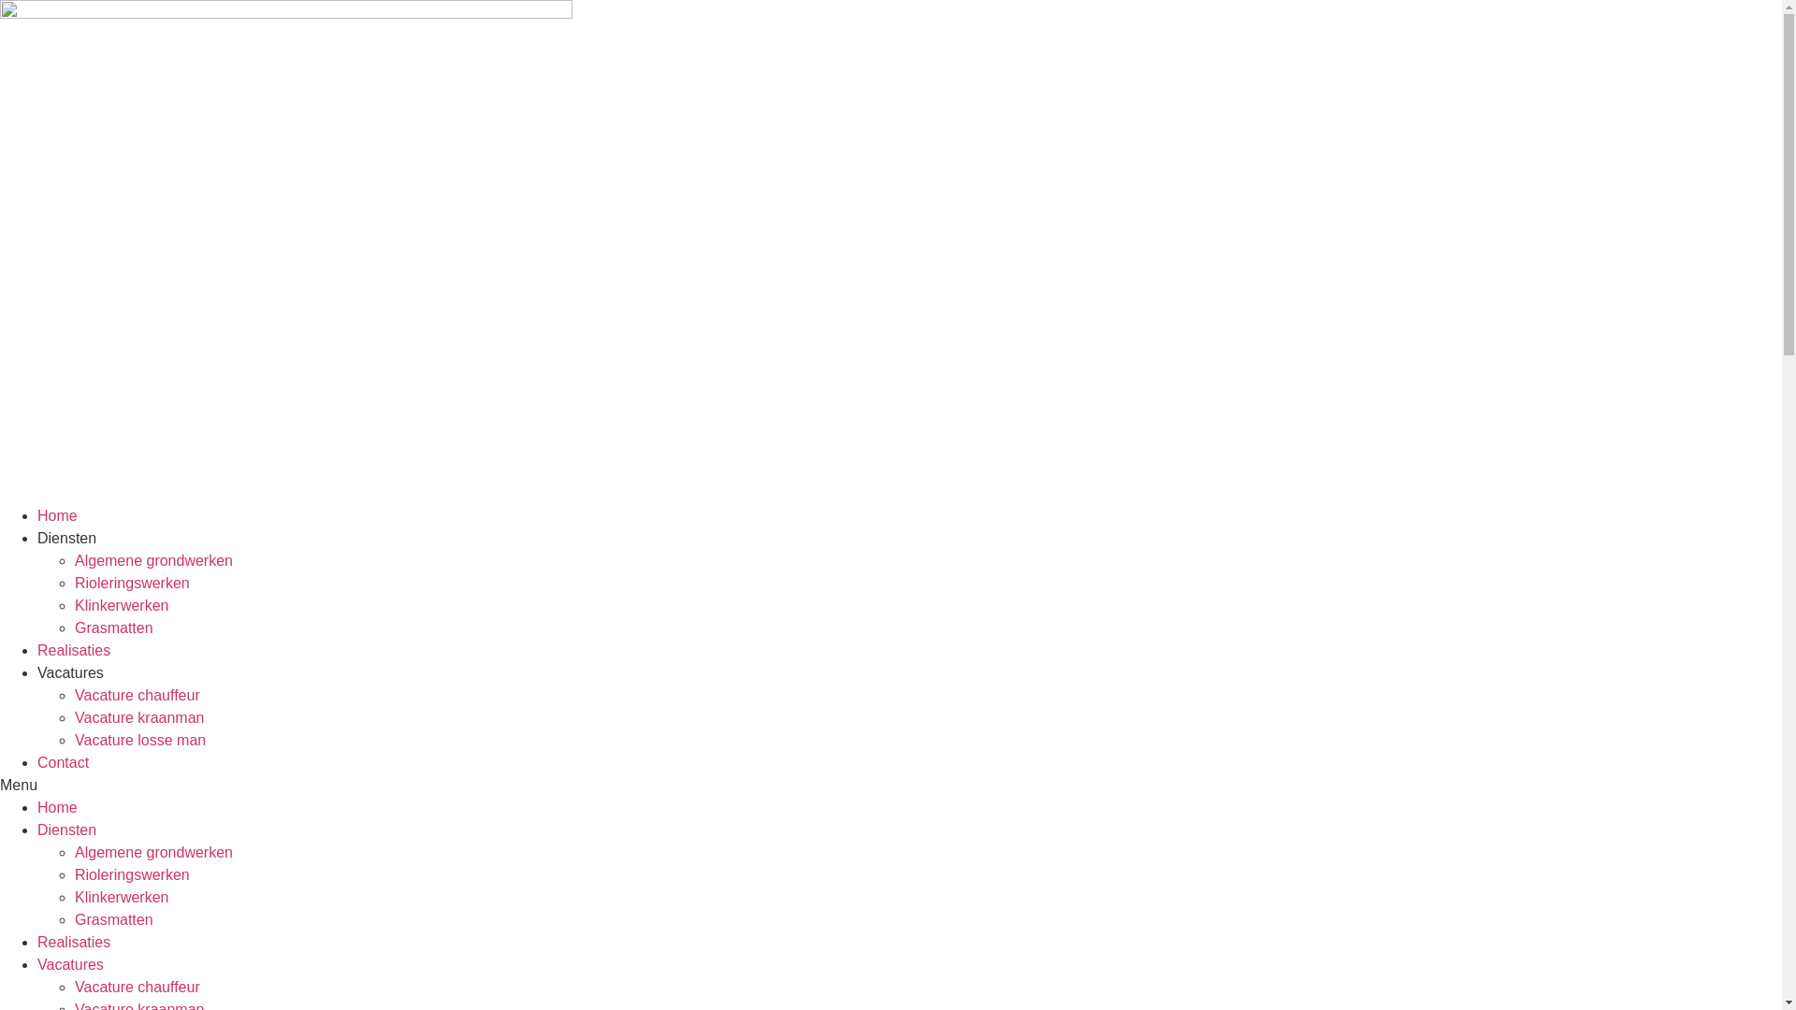 This screenshot has width=1796, height=1010. I want to click on 'Vacature losse man', so click(138, 739).